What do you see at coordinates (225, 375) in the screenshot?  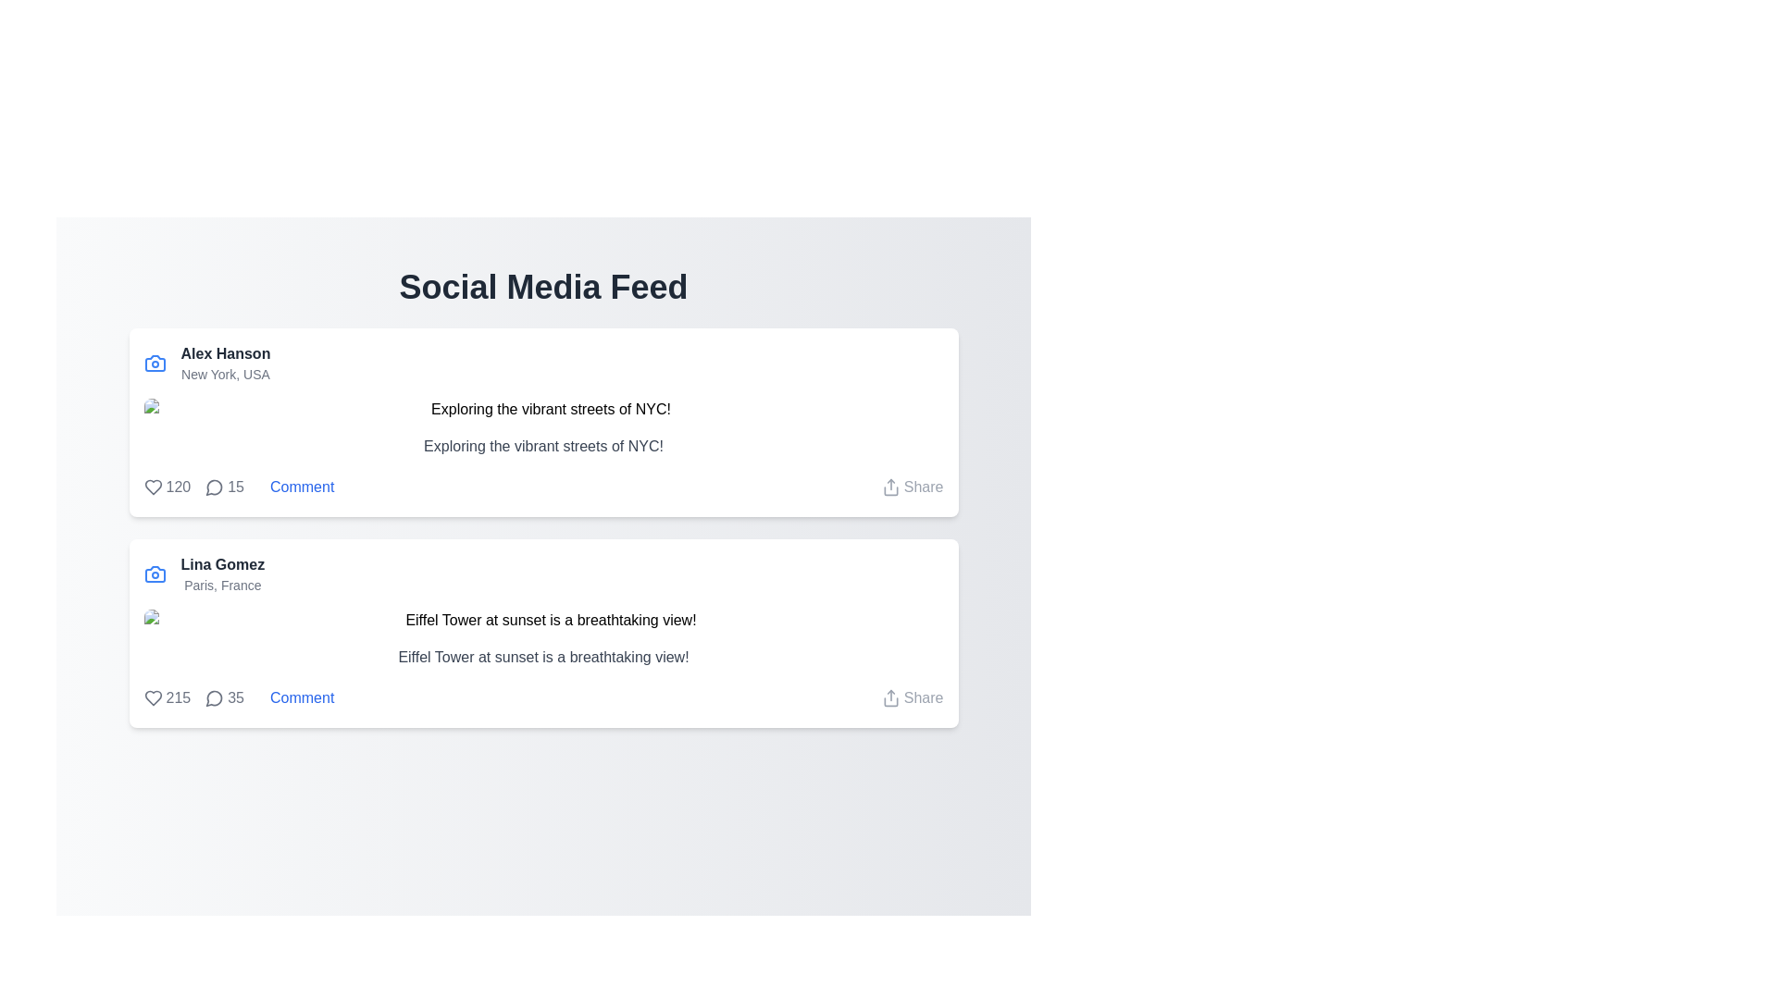 I see `the text label displaying 'New York, USA', which is positioned directly below 'Alex Hanson' in the user post area of the social media feed` at bounding box center [225, 375].